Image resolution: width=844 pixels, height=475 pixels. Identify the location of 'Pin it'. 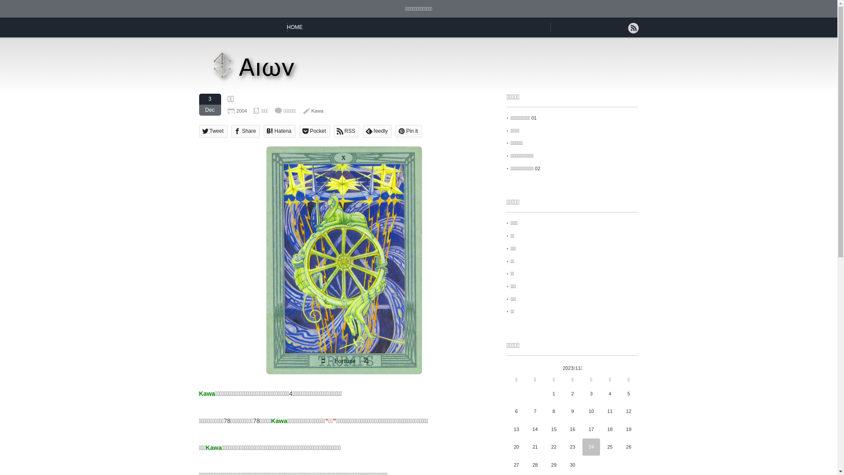
(408, 131).